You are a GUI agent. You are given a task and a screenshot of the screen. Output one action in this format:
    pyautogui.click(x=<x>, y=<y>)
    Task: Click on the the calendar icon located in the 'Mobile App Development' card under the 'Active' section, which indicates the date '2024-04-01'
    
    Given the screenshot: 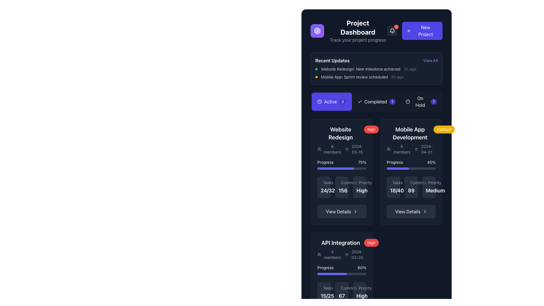 What is the action you would take?
    pyautogui.click(x=416, y=149)
    